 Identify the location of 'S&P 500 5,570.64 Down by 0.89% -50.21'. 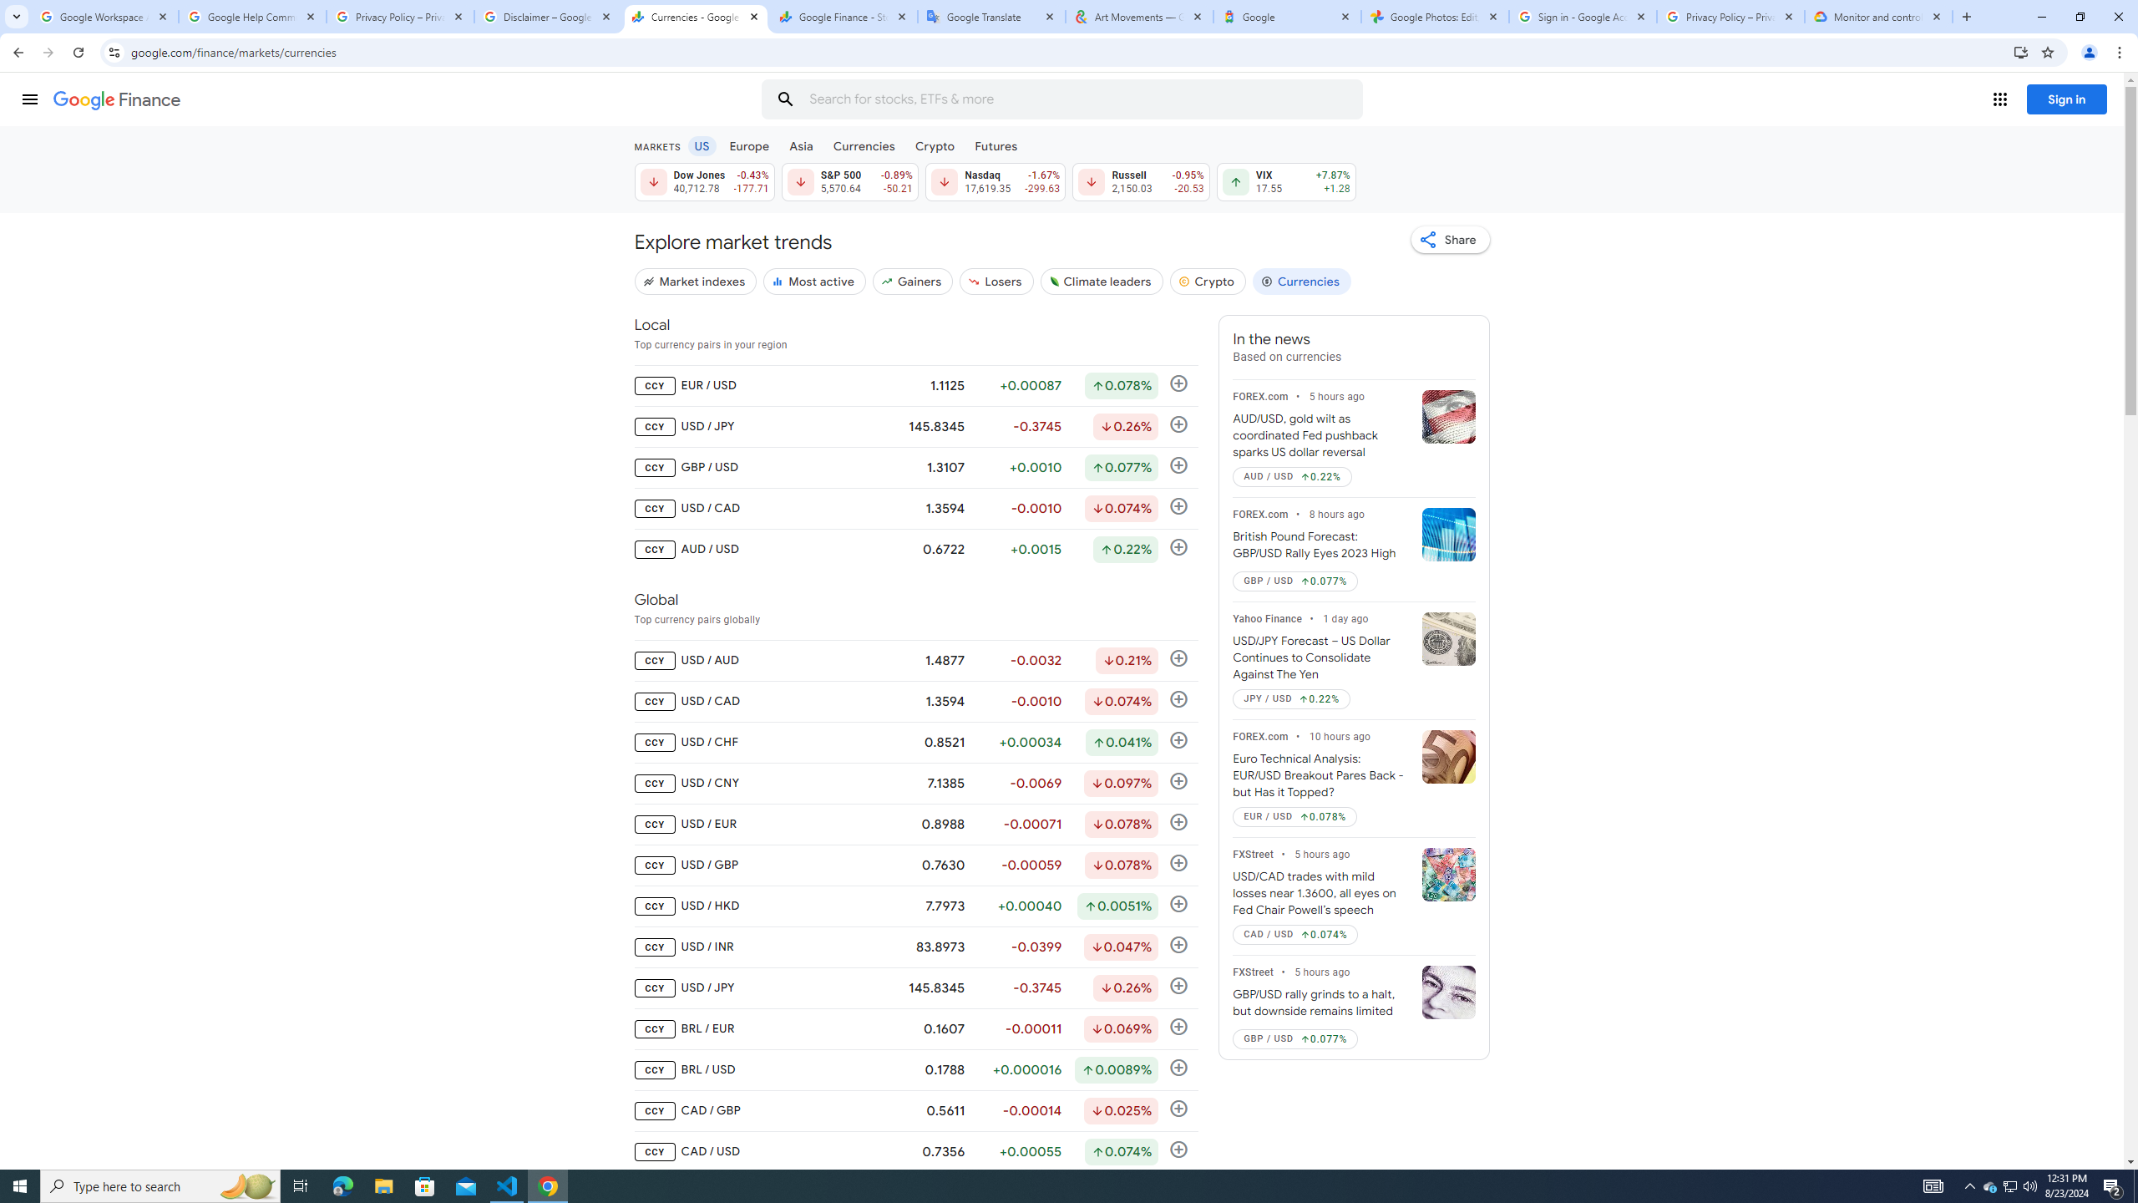
(849, 181).